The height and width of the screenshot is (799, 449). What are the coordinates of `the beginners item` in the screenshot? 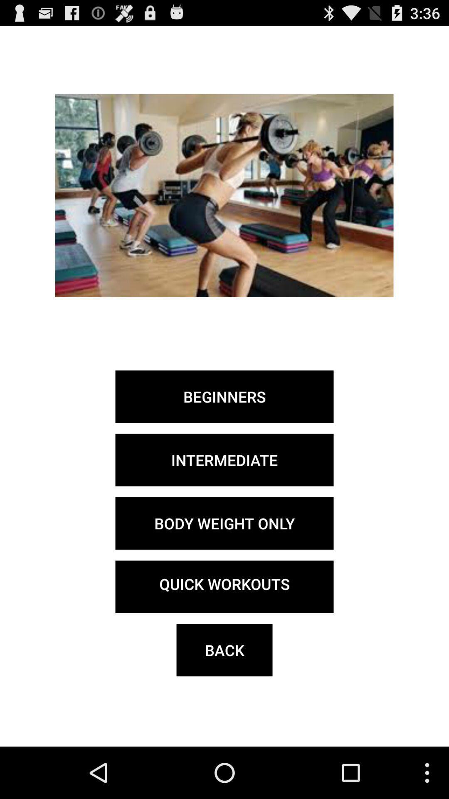 It's located at (224, 396).